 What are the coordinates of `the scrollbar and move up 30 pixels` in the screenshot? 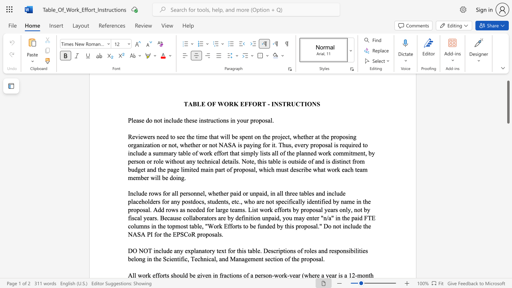 It's located at (508, 102).